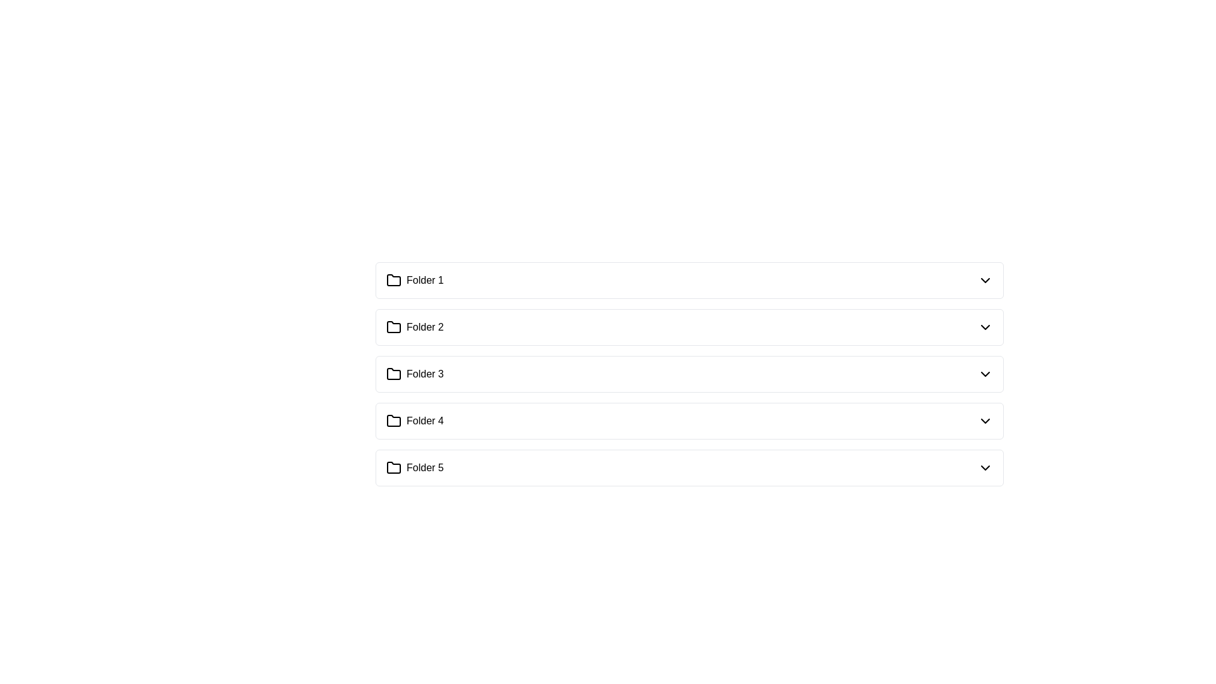  I want to click on the expand/collapse button for the 'Folder 2' section, so click(984, 326).